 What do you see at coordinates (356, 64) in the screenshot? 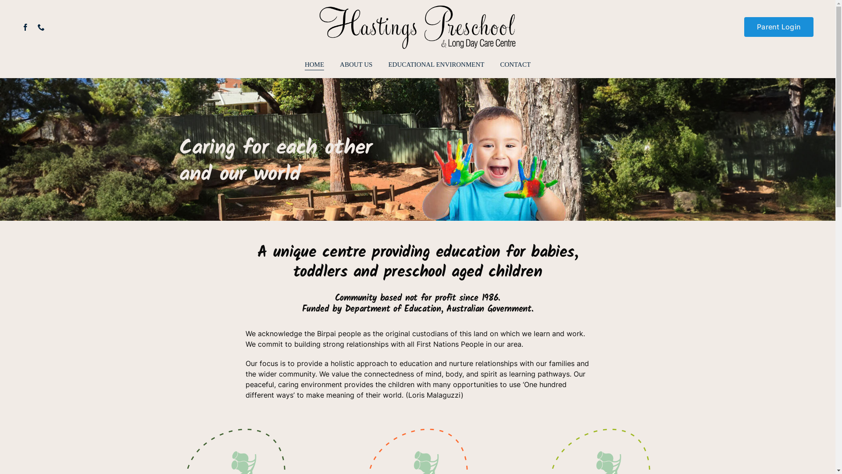
I see `'ABOUT US'` at bounding box center [356, 64].